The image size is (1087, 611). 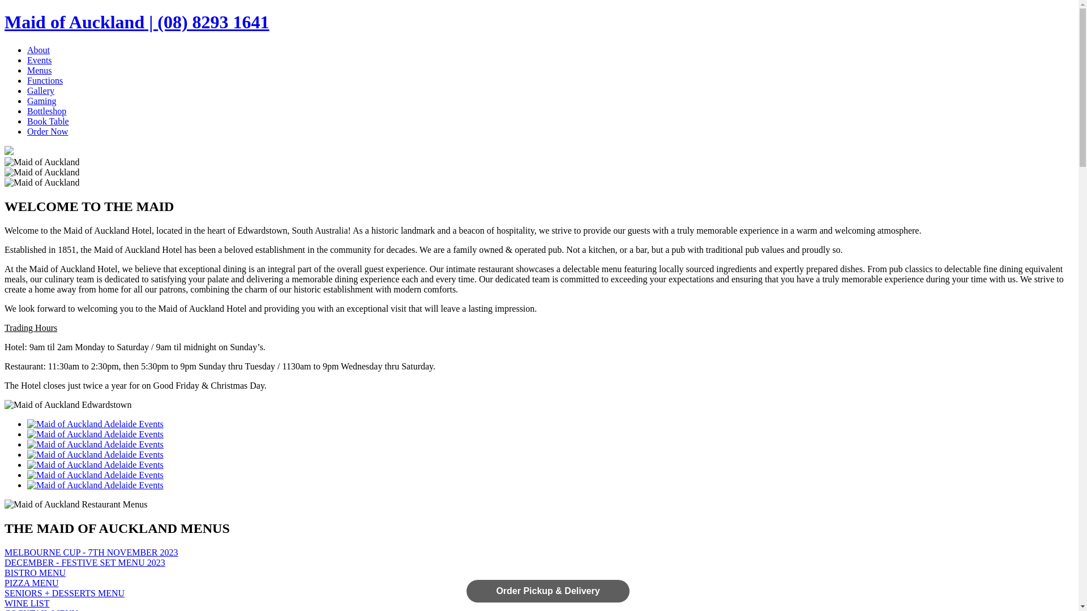 I want to click on 'MELBOURNE CUP - 7TH NOVEMBER 2023', so click(x=538, y=552).